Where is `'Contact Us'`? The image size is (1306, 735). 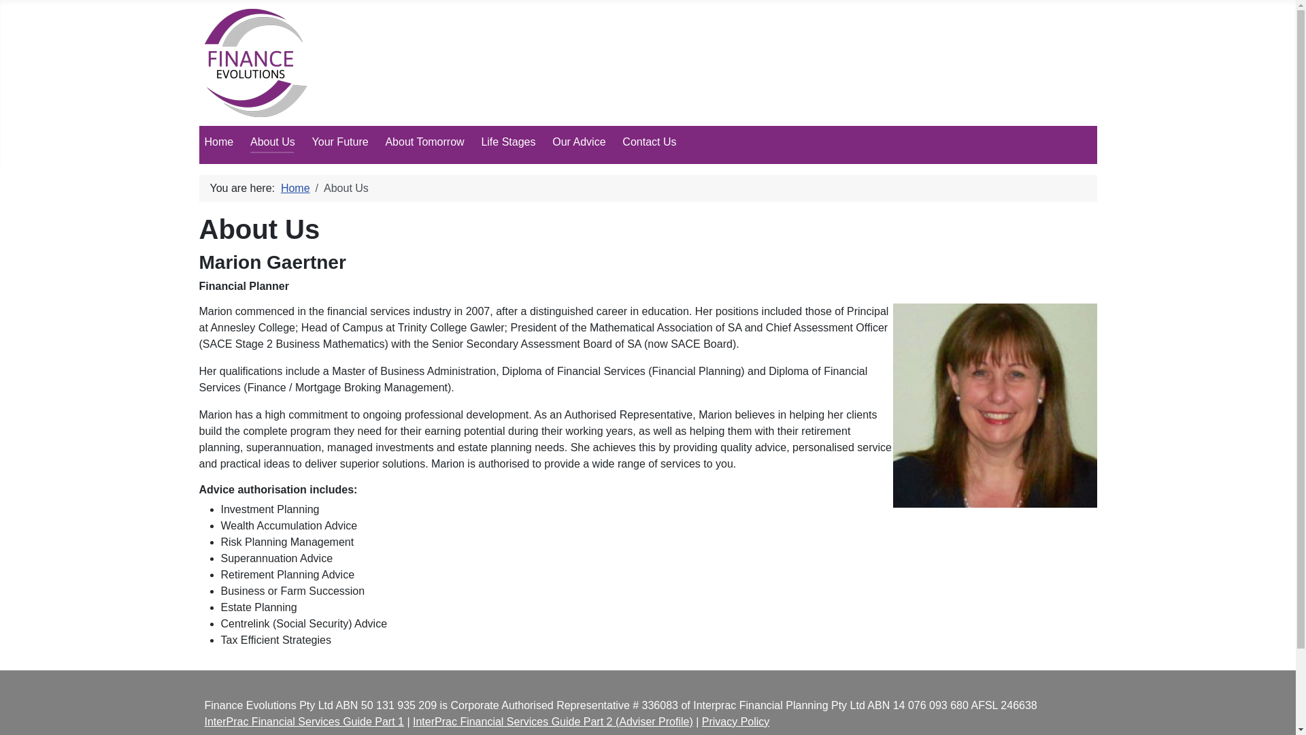 'Contact Us' is located at coordinates (648, 142).